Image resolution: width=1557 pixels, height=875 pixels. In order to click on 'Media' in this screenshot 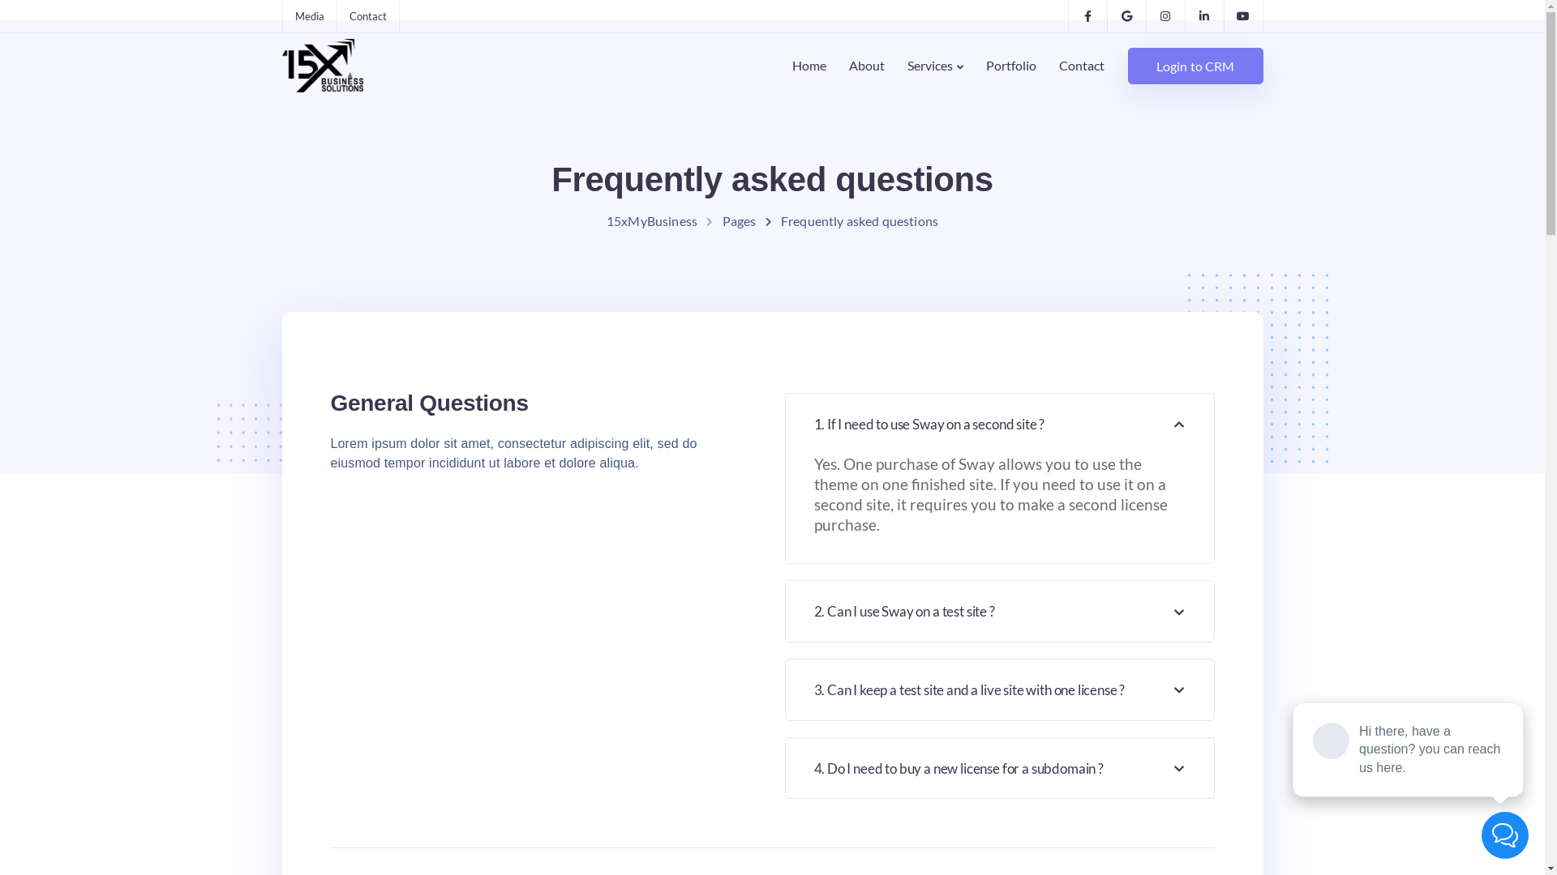, I will do `click(310, 15)`.